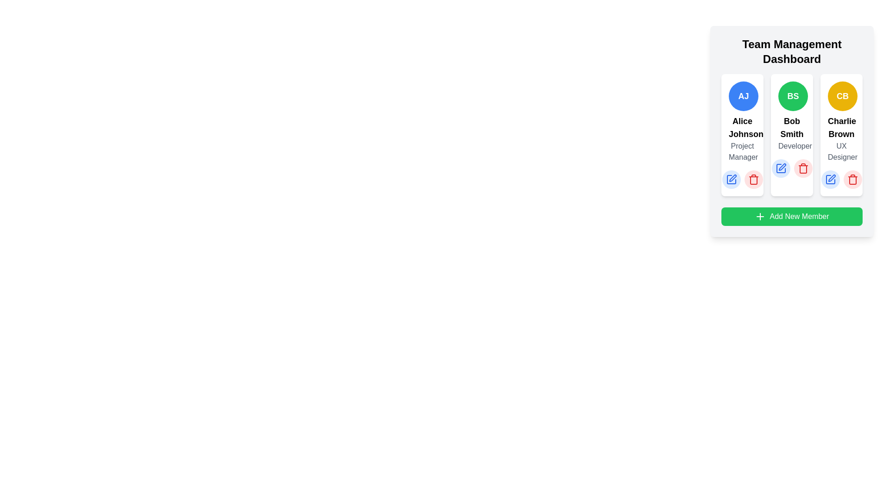 The height and width of the screenshot is (500, 889). Describe the element at coordinates (791, 168) in the screenshot. I see `the group of two circular buttons, one blue and the other red, located below the 'Bob Smith Developer' section` at that location.